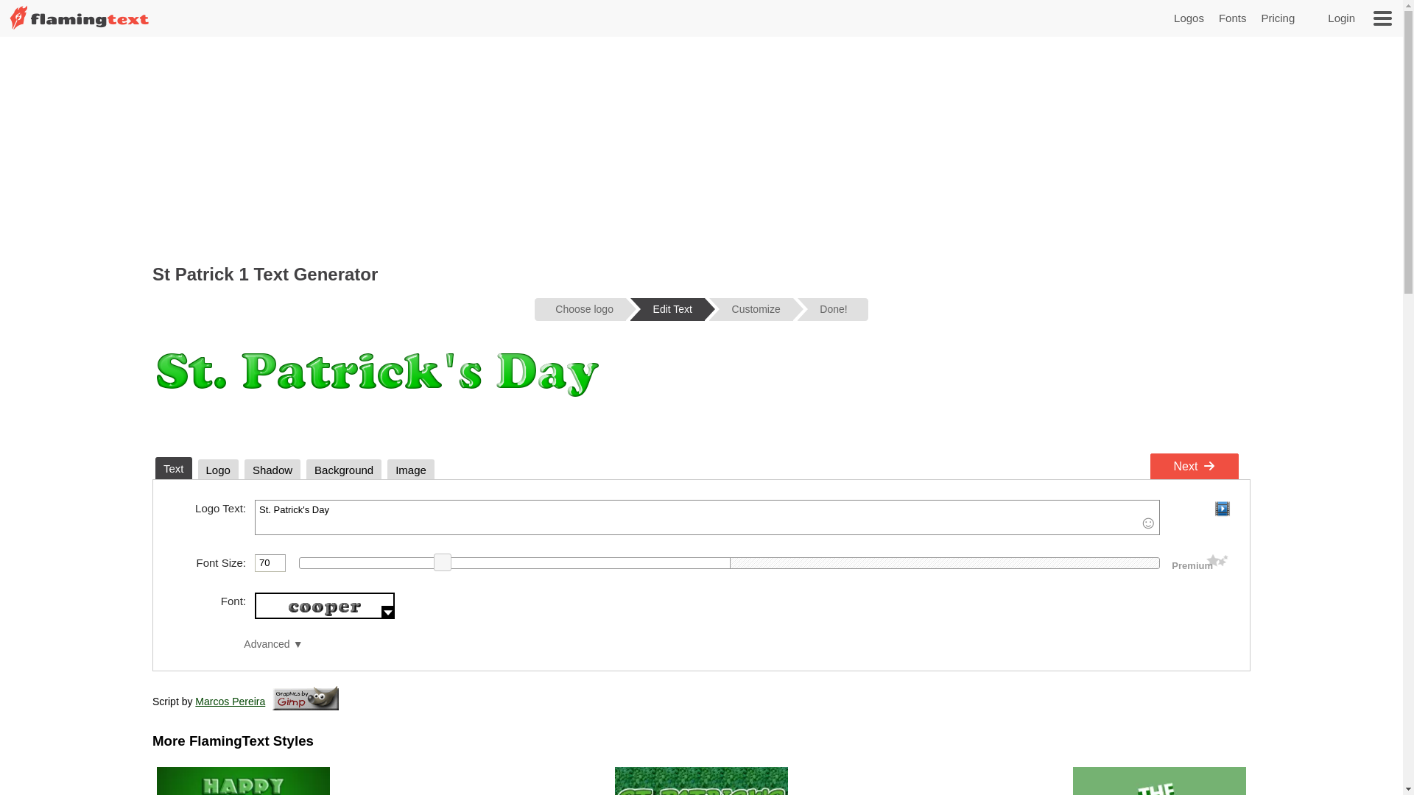  I want to click on 'Home', so click(78, 28).